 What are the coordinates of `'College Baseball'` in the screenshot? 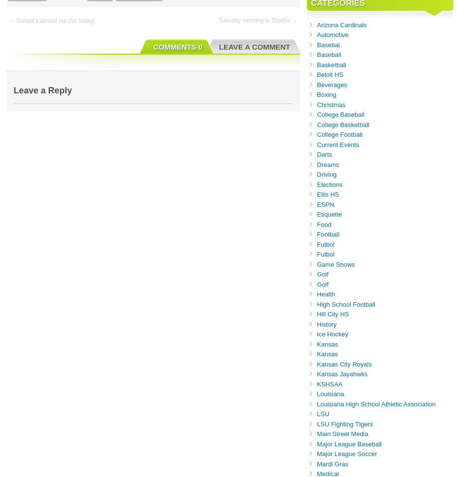 It's located at (340, 114).